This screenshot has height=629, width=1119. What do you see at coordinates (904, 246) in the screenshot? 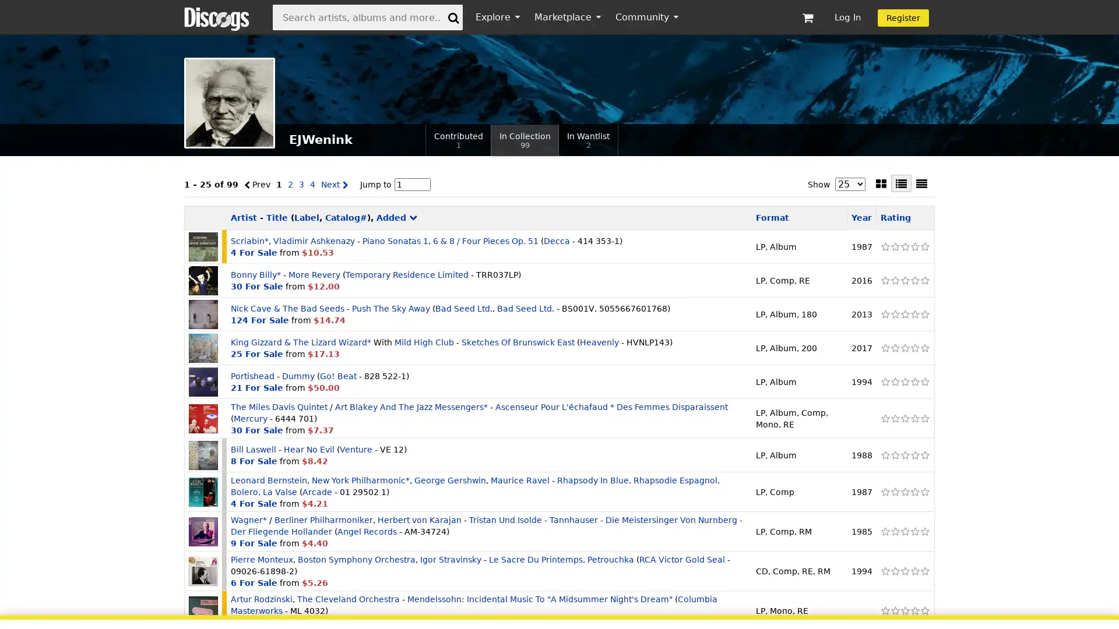
I see `Rate this release 3 stars.` at bounding box center [904, 246].